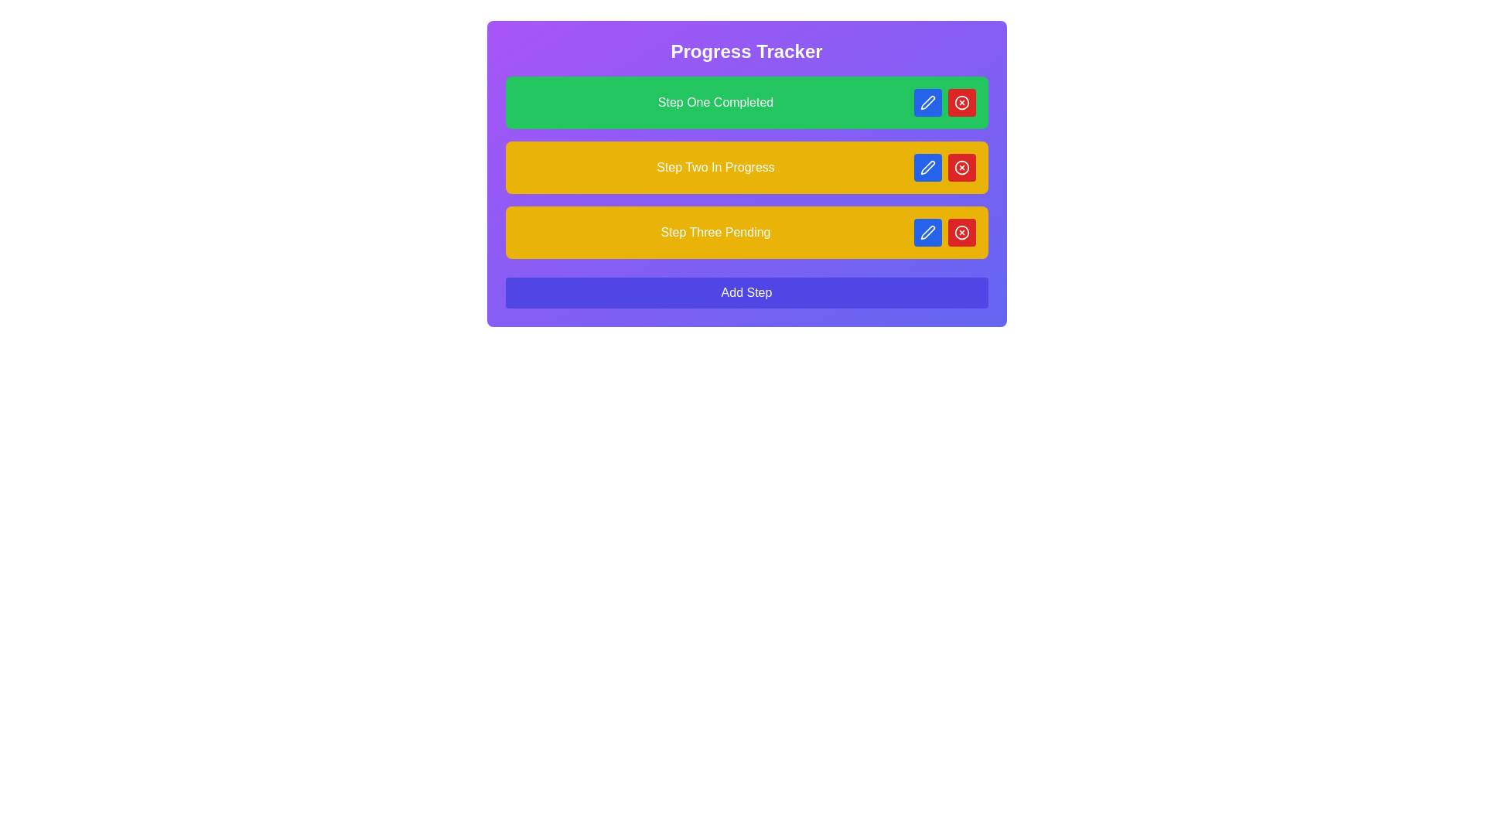  I want to click on the static text label that displays 'Step One Completed', which has a bold style and a green background, located at the top of the step indicators list, so click(715, 102).